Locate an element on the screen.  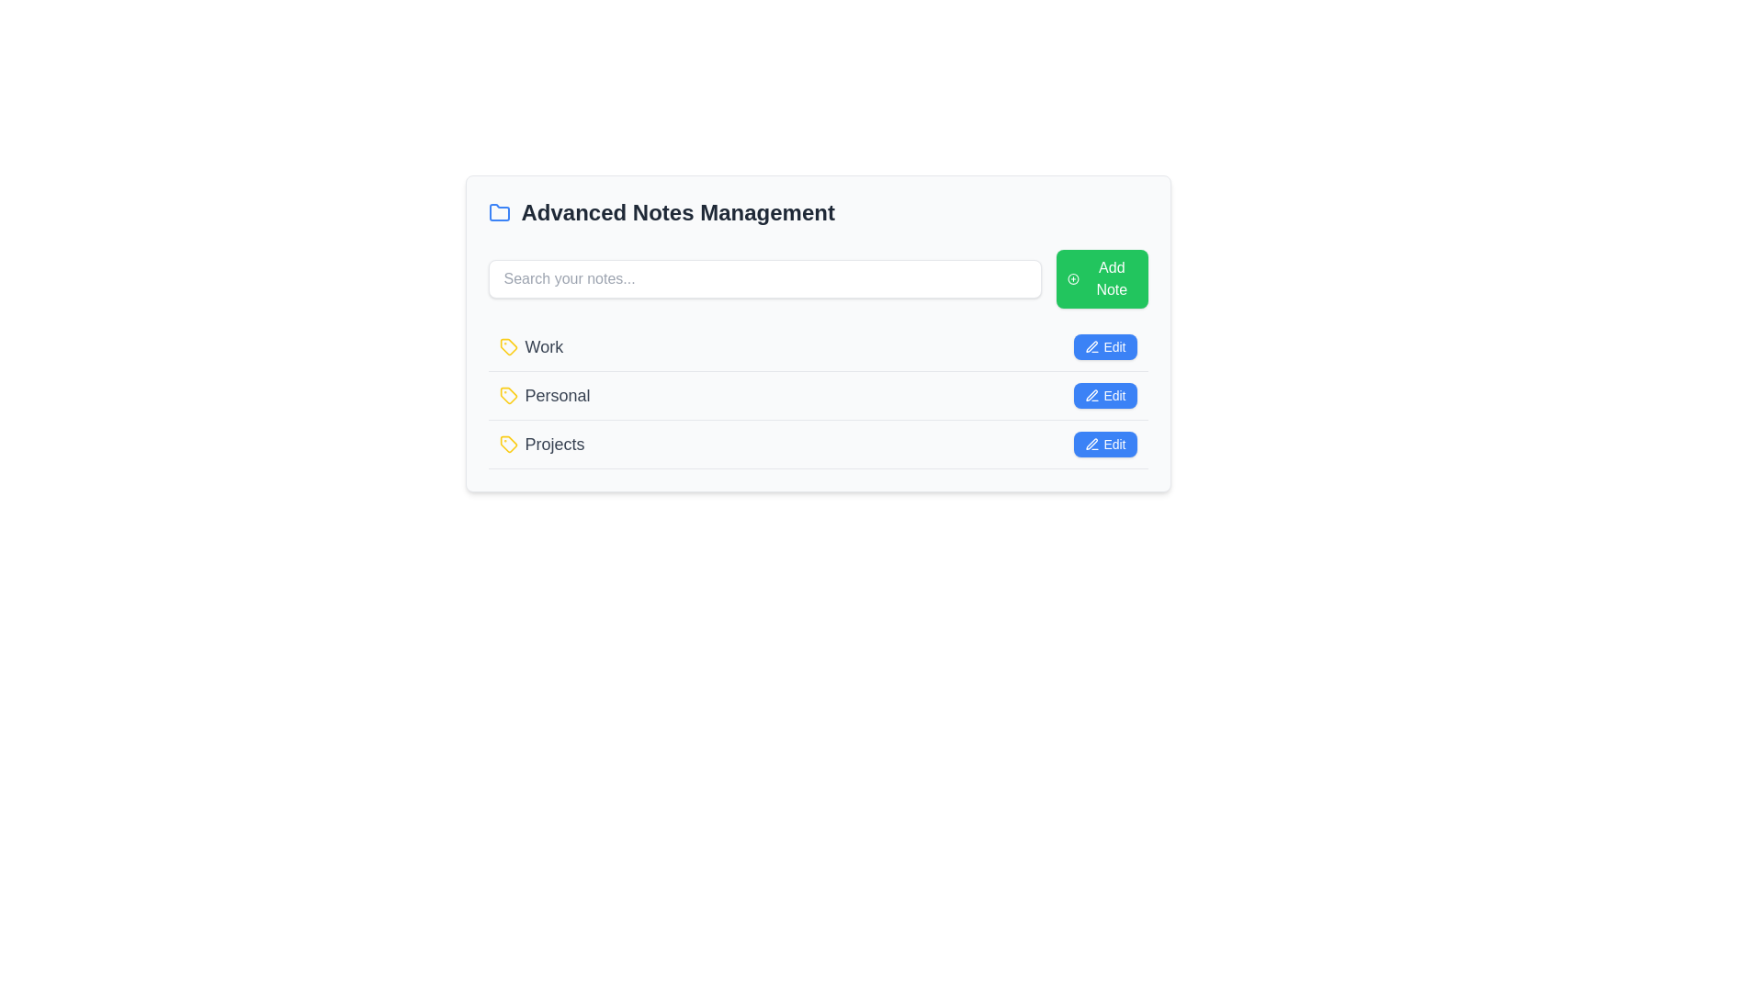
the tag icon with a yellow outline located to the left of the 'Projects' label in the category list under 'Advanced Notes Management.' is located at coordinates (508, 444).